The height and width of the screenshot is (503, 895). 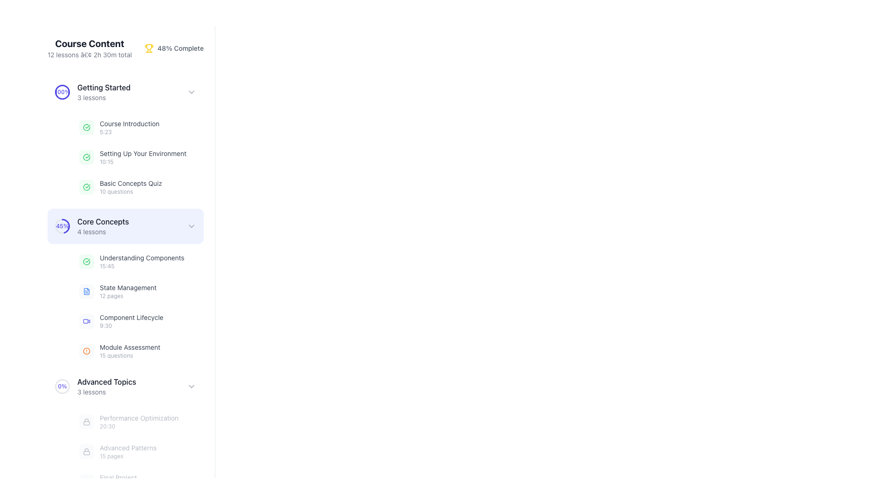 What do you see at coordinates (143, 153) in the screenshot?
I see `the text label 'Setting Up Your Environment', which is styled in gray and appears beneath the heading 'Getting Started' in the course listing` at bounding box center [143, 153].